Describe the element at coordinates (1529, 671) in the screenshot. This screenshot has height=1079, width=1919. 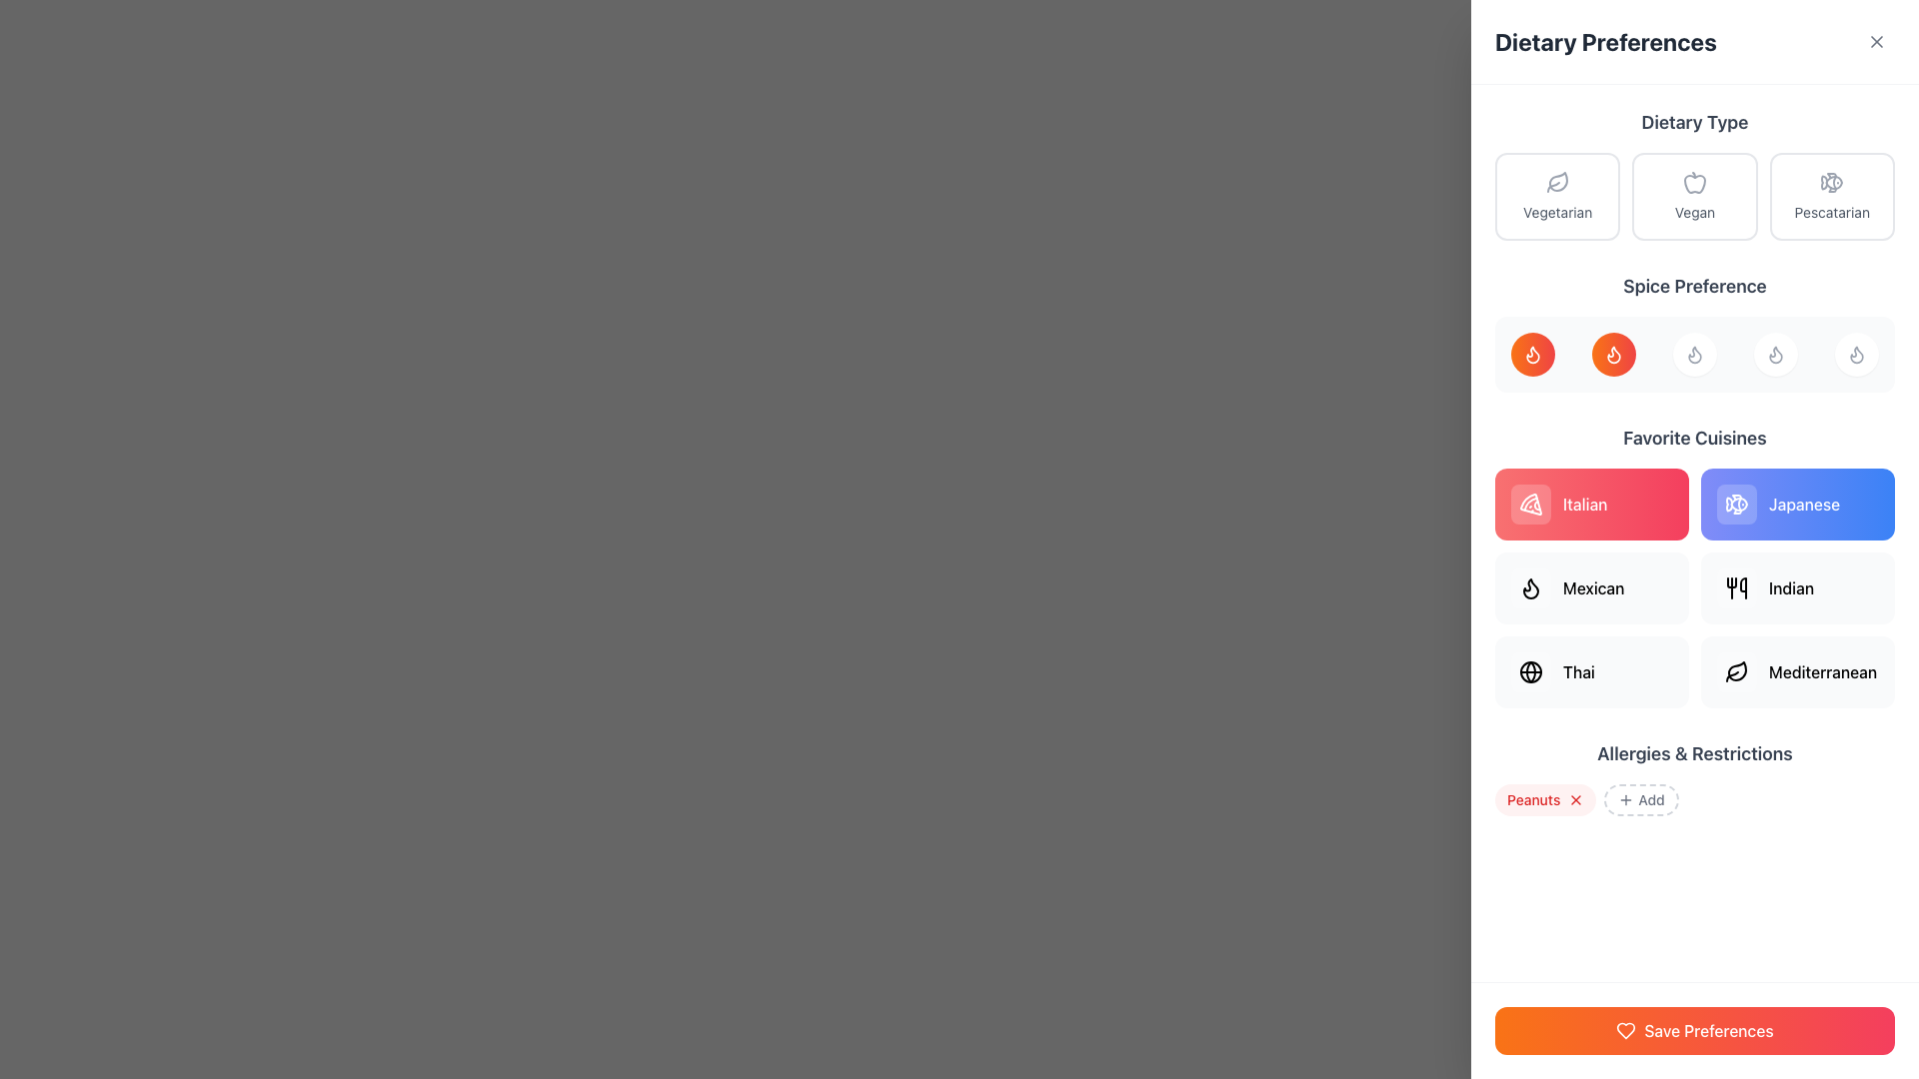
I see `the globe icon representing the Thai cuisine button, located in the top-right corner of the 'Dietary Preferences' panel` at that location.